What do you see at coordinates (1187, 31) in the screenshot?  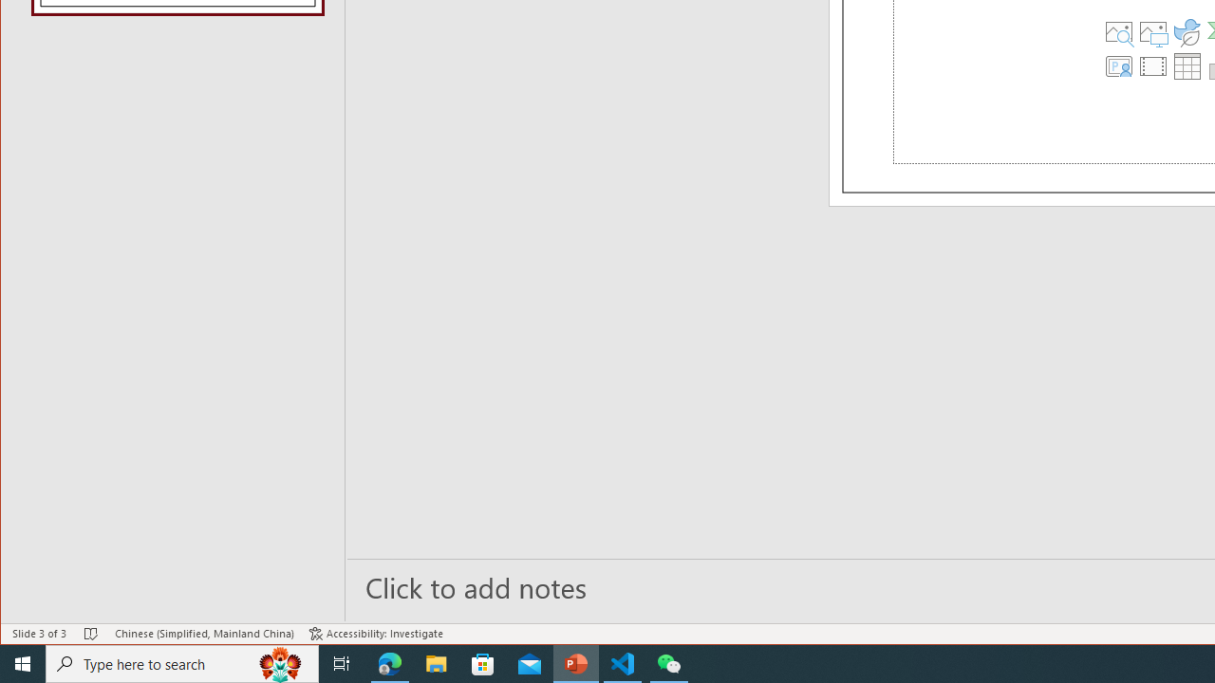 I see `'Insert an Icon'` at bounding box center [1187, 31].